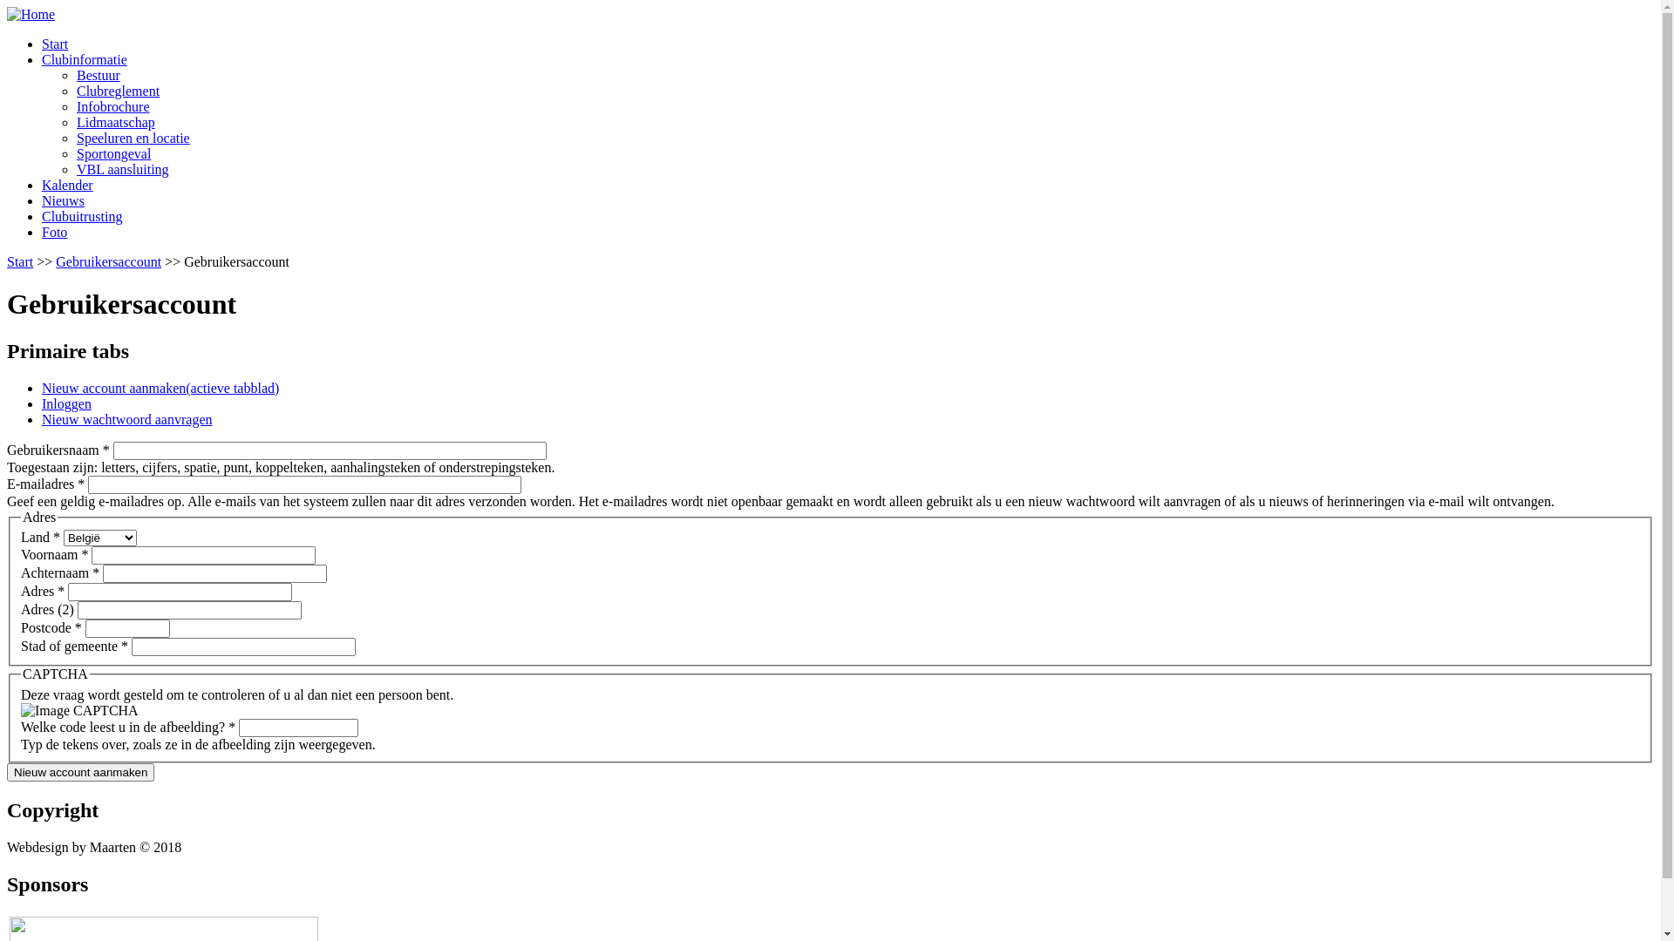  I want to click on 'Sportongeval', so click(112, 152).